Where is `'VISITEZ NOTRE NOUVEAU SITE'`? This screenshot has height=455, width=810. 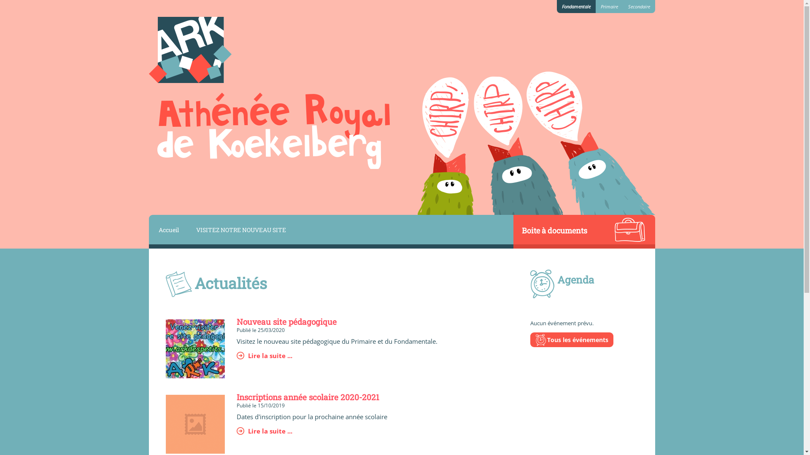 'VISITEZ NOTRE NOUVEAU SITE' is located at coordinates (240, 229).